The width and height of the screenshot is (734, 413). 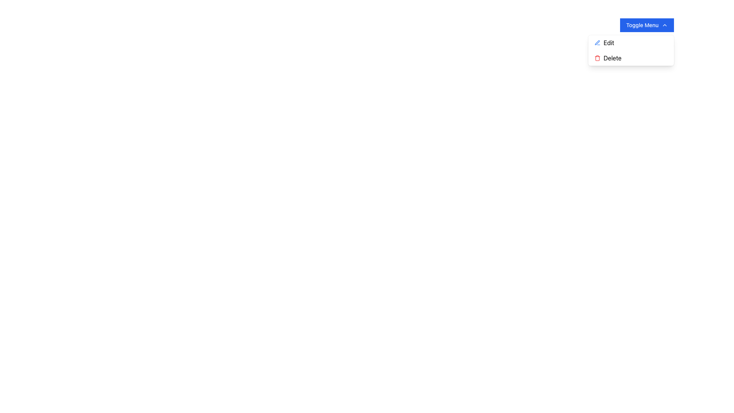 I want to click on the blue, pen-shaped icon located to the left of the 'Edit' text in the dropdown menu, so click(x=597, y=42).